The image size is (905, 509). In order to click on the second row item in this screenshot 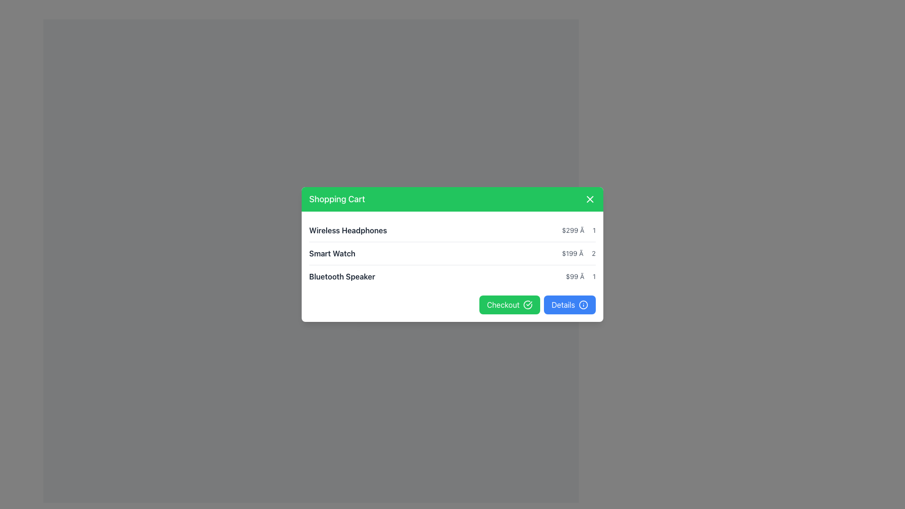, I will do `click(452, 253)`.